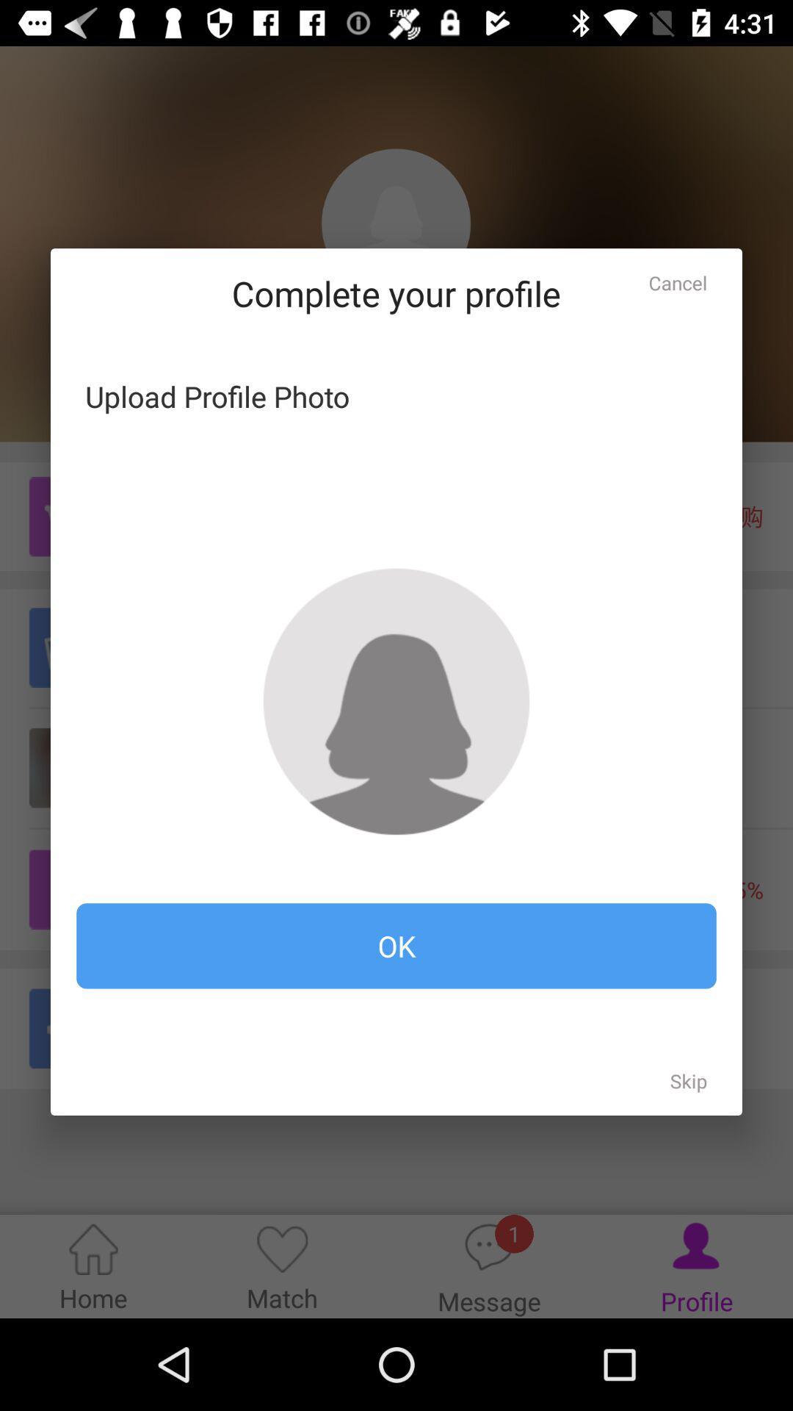 The height and width of the screenshot is (1411, 793). What do you see at coordinates (396, 700) in the screenshot?
I see `insert image` at bounding box center [396, 700].